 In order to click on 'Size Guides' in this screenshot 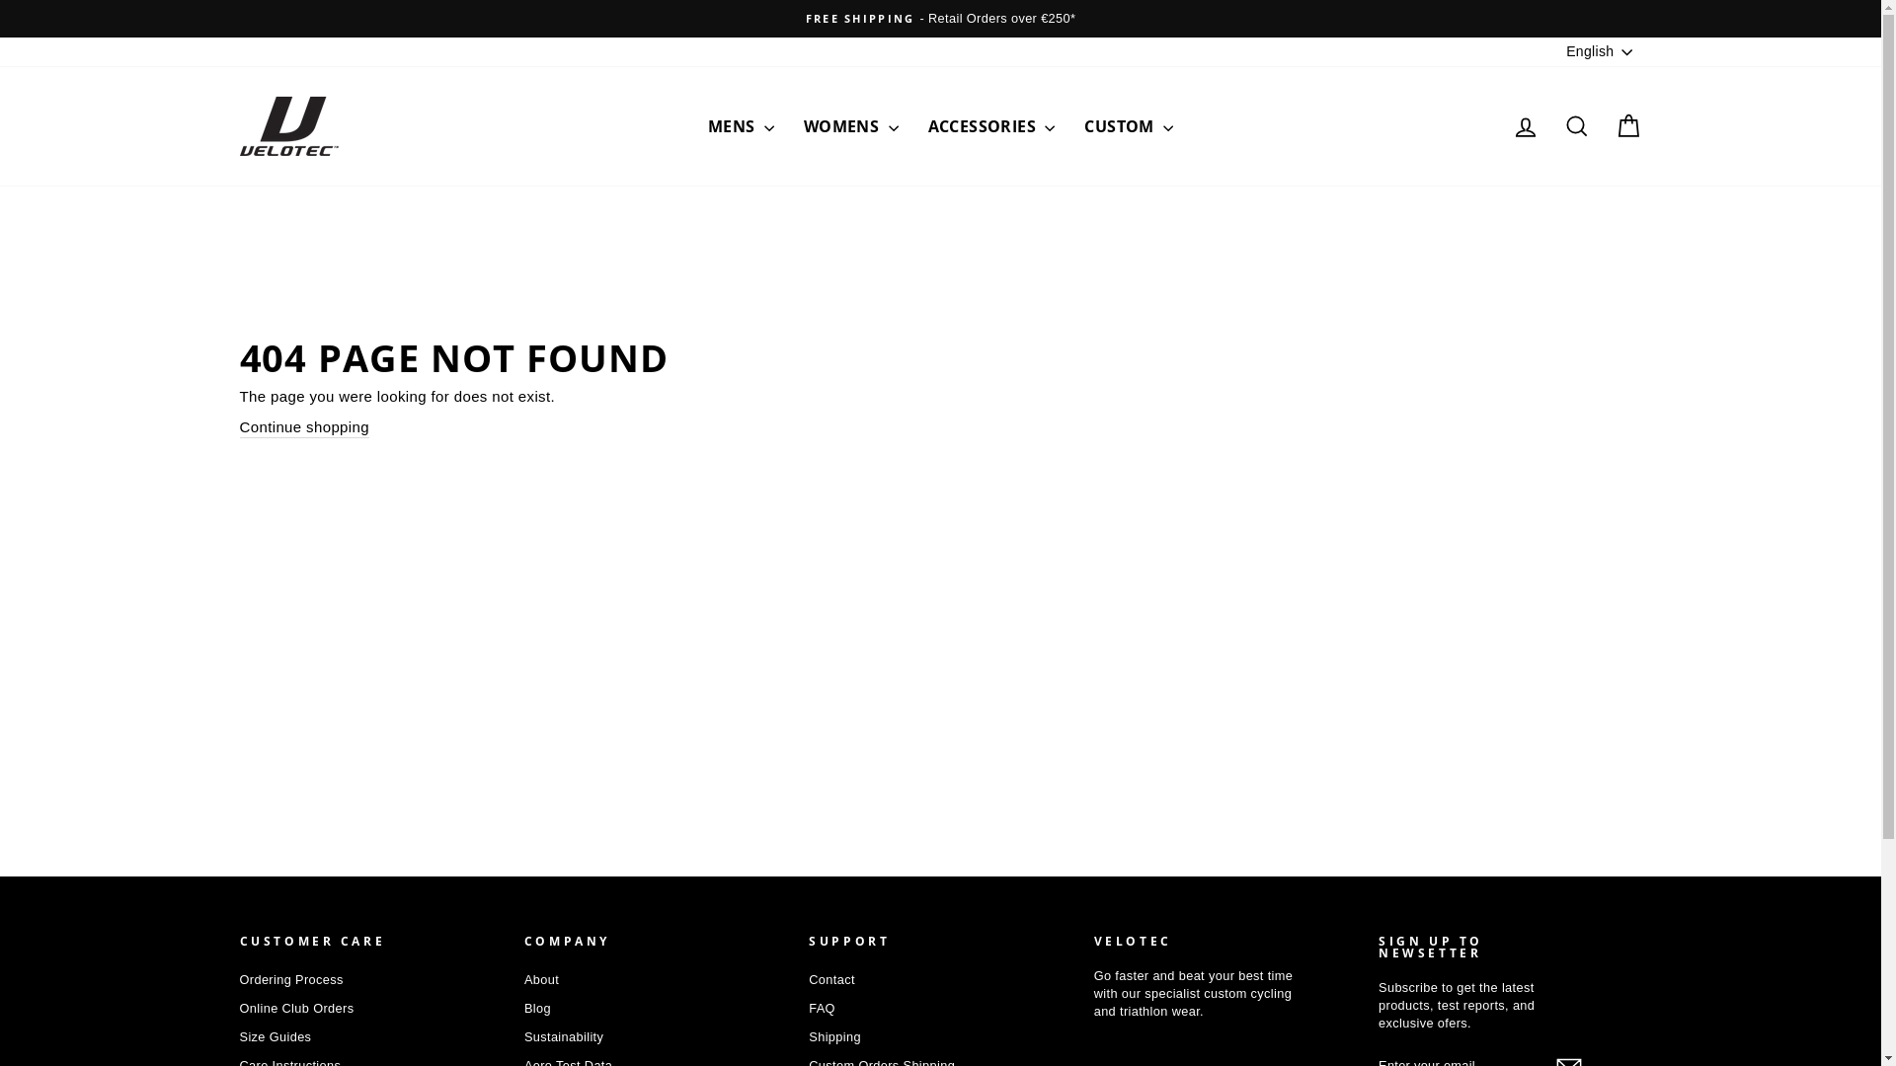, I will do `click(274, 1035)`.